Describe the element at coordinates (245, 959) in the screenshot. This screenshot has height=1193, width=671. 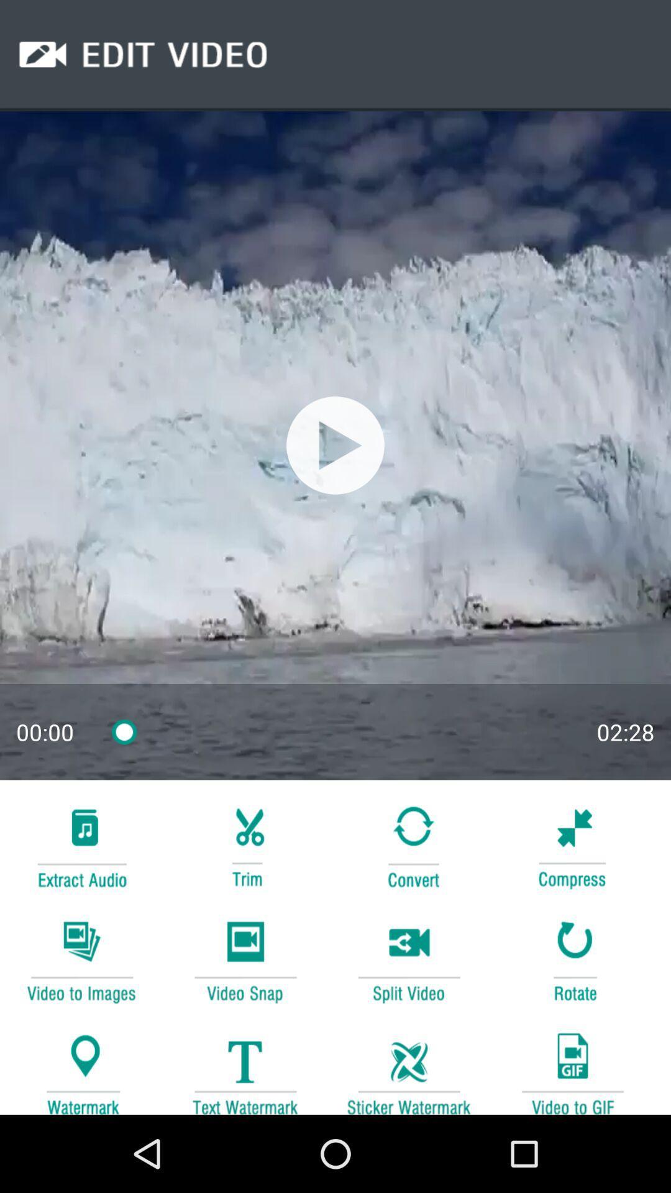
I see `take video snap` at that location.